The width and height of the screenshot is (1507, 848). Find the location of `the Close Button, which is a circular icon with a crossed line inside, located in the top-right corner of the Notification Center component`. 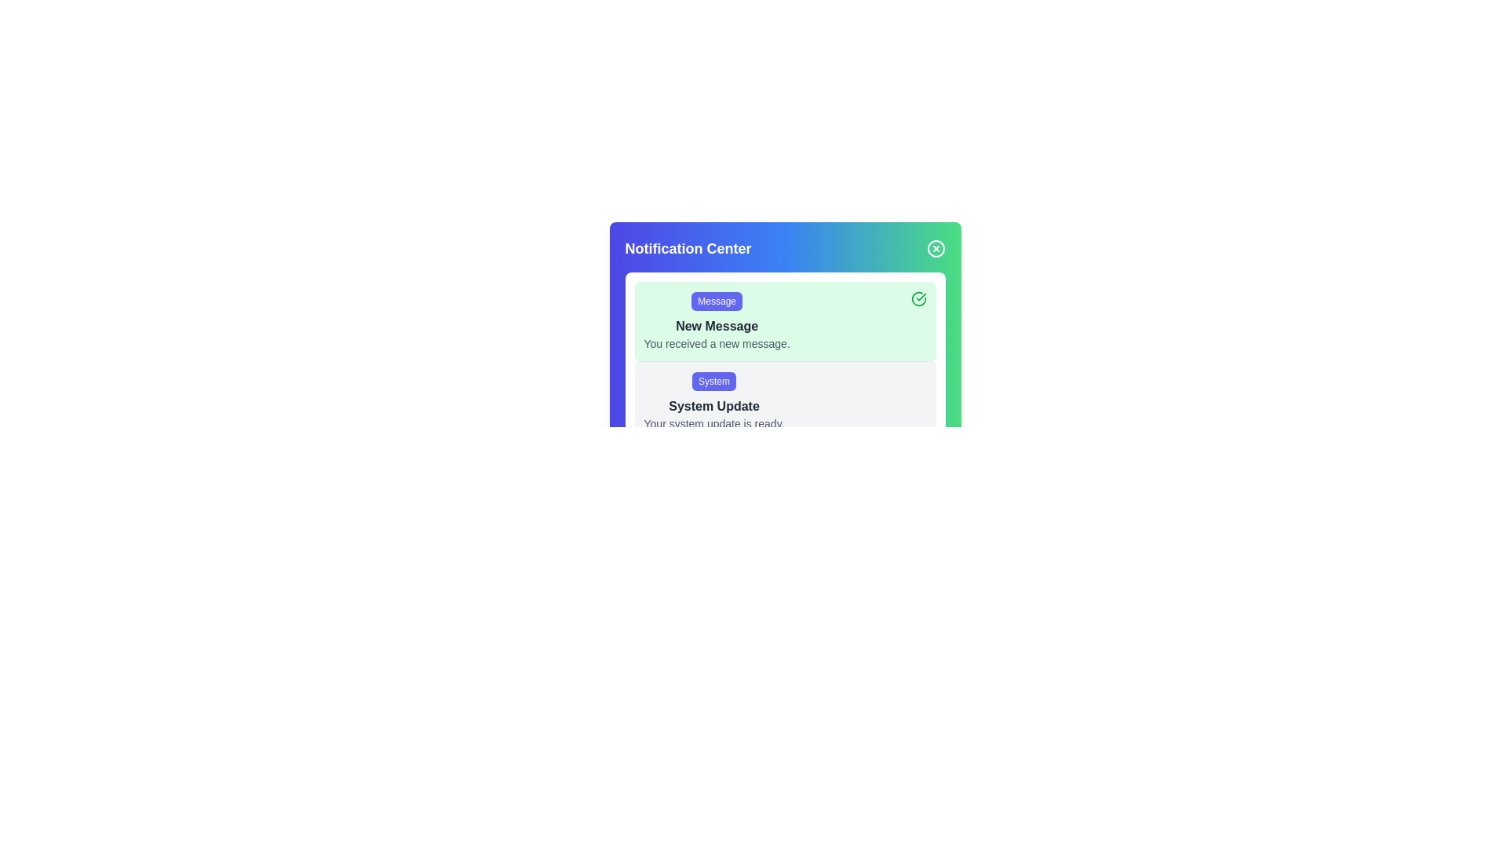

the Close Button, which is a circular icon with a crossed line inside, located in the top-right corner of the Notification Center component is located at coordinates (936, 247).